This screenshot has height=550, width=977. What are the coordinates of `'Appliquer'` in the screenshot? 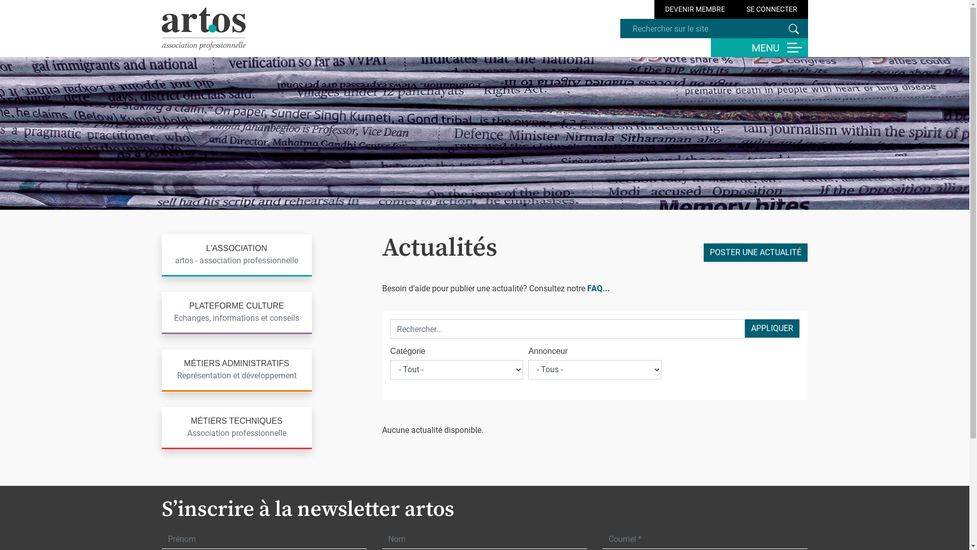 It's located at (772, 328).